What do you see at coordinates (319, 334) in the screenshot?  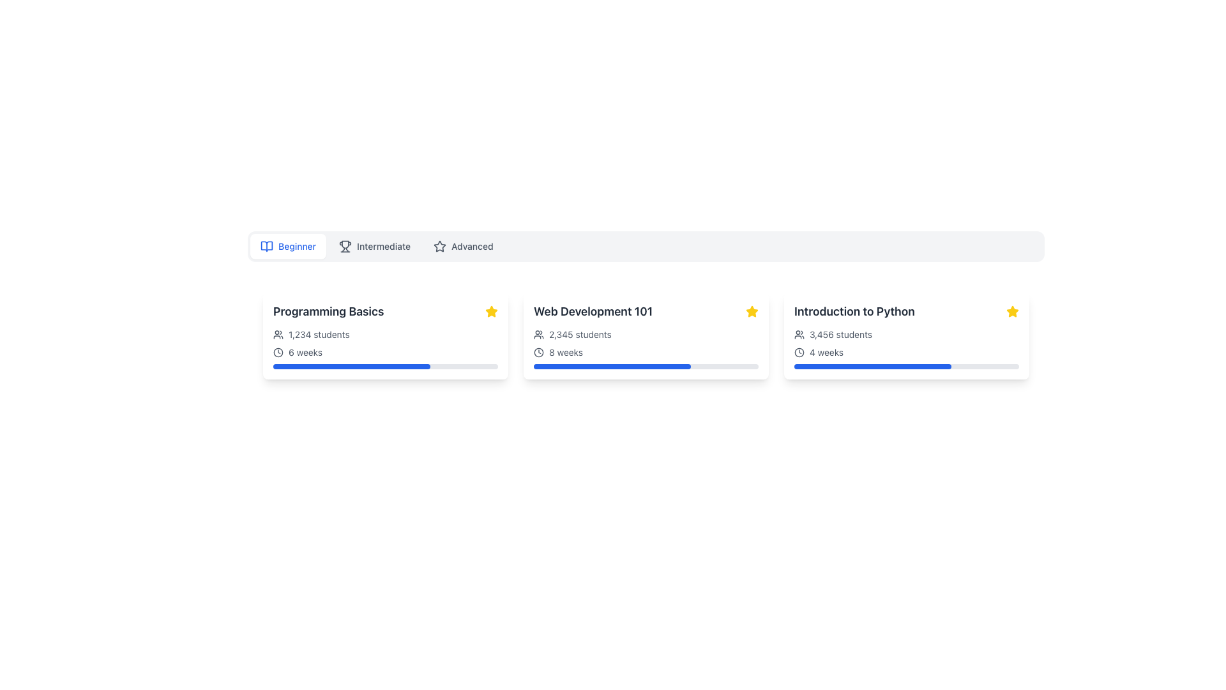 I see `the Text Label indicating the total number of students for the course 'Programming Basics', which is positioned to the right of the user group icon in the horizontal layout` at bounding box center [319, 334].